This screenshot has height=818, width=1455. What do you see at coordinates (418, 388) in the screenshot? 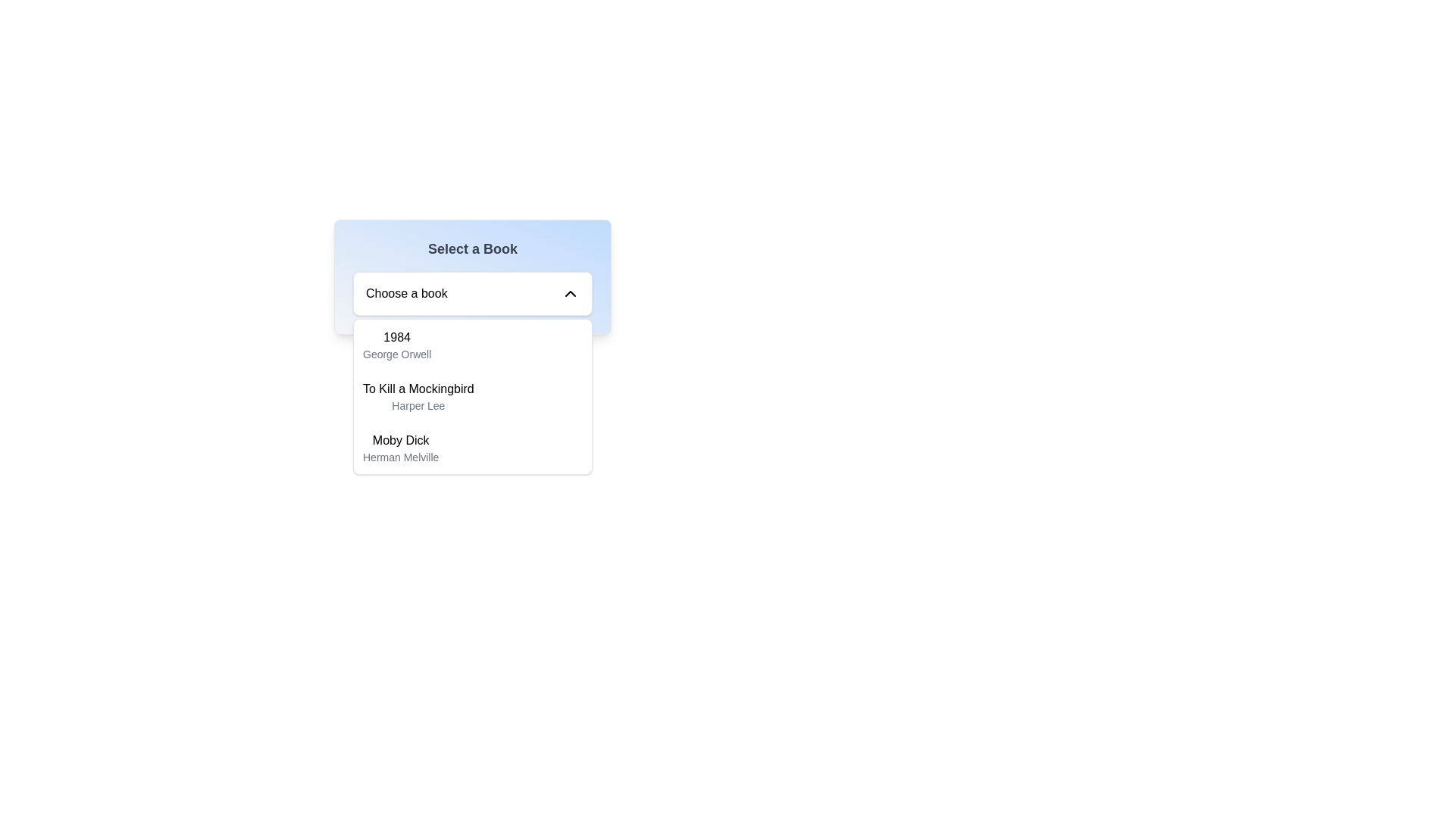
I see `displayed title of the book in the dropdown list, which is the second item and located beneath the 'Choose a Book' label` at bounding box center [418, 388].